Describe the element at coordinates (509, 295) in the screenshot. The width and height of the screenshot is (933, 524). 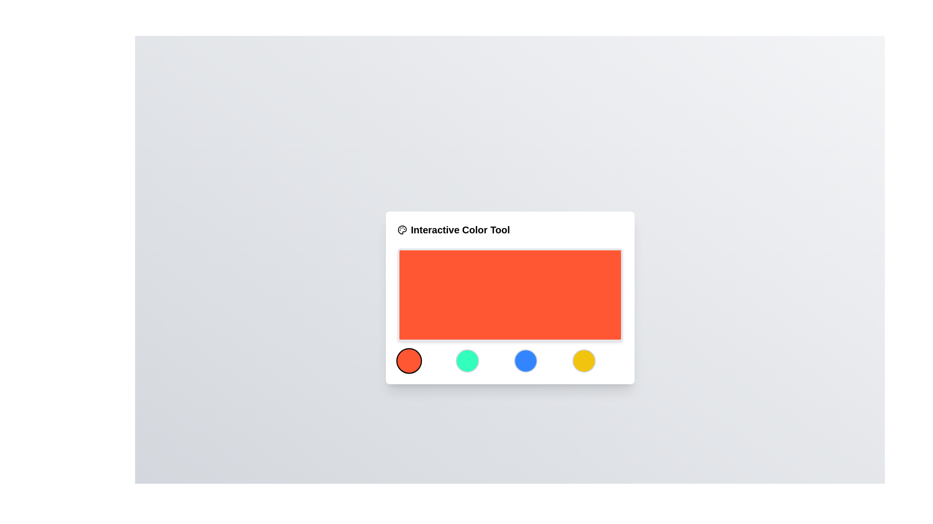
I see `the central rectangular visual display area of the 'Interactive Color Tool' that showcases the currently selected color, positioned between the title and the circular colored buttons below` at that location.